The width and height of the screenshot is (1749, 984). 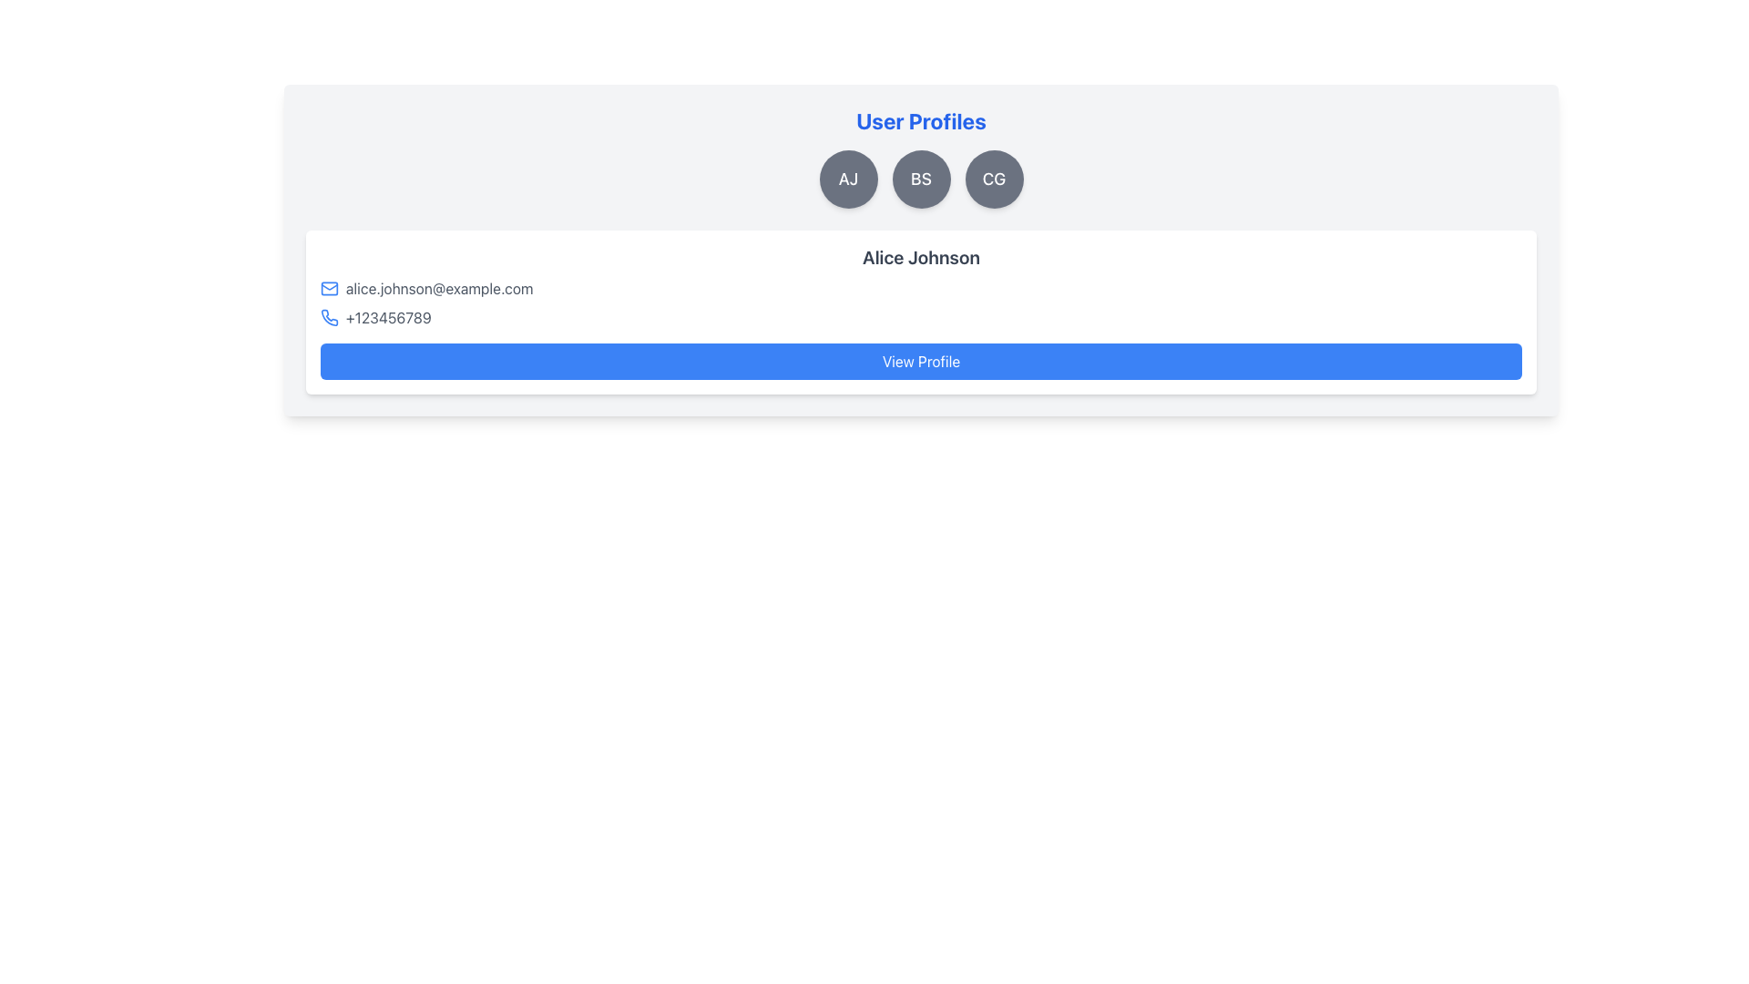 What do you see at coordinates (387, 316) in the screenshot?
I see `the phone number display element` at bounding box center [387, 316].